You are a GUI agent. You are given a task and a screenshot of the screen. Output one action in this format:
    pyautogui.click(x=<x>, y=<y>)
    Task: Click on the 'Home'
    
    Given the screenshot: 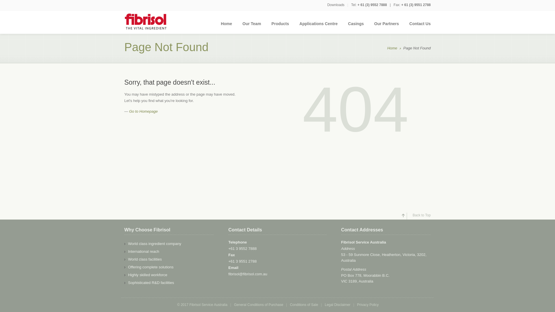 What is the action you would take?
    pyautogui.click(x=392, y=48)
    